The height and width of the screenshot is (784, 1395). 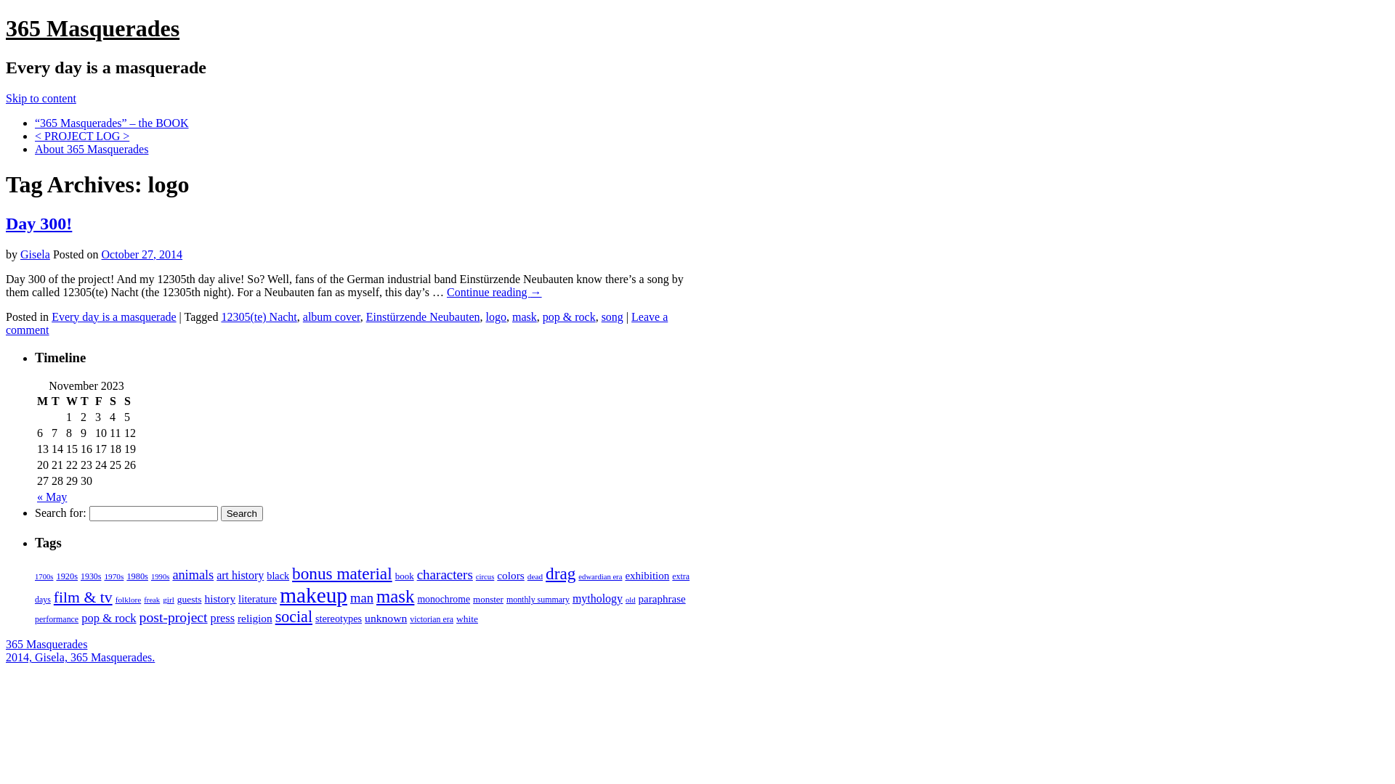 What do you see at coordinates (219, 316) in the screenshot?
I see `'12305(te) Nacht'` at bounding box center [219, 316].